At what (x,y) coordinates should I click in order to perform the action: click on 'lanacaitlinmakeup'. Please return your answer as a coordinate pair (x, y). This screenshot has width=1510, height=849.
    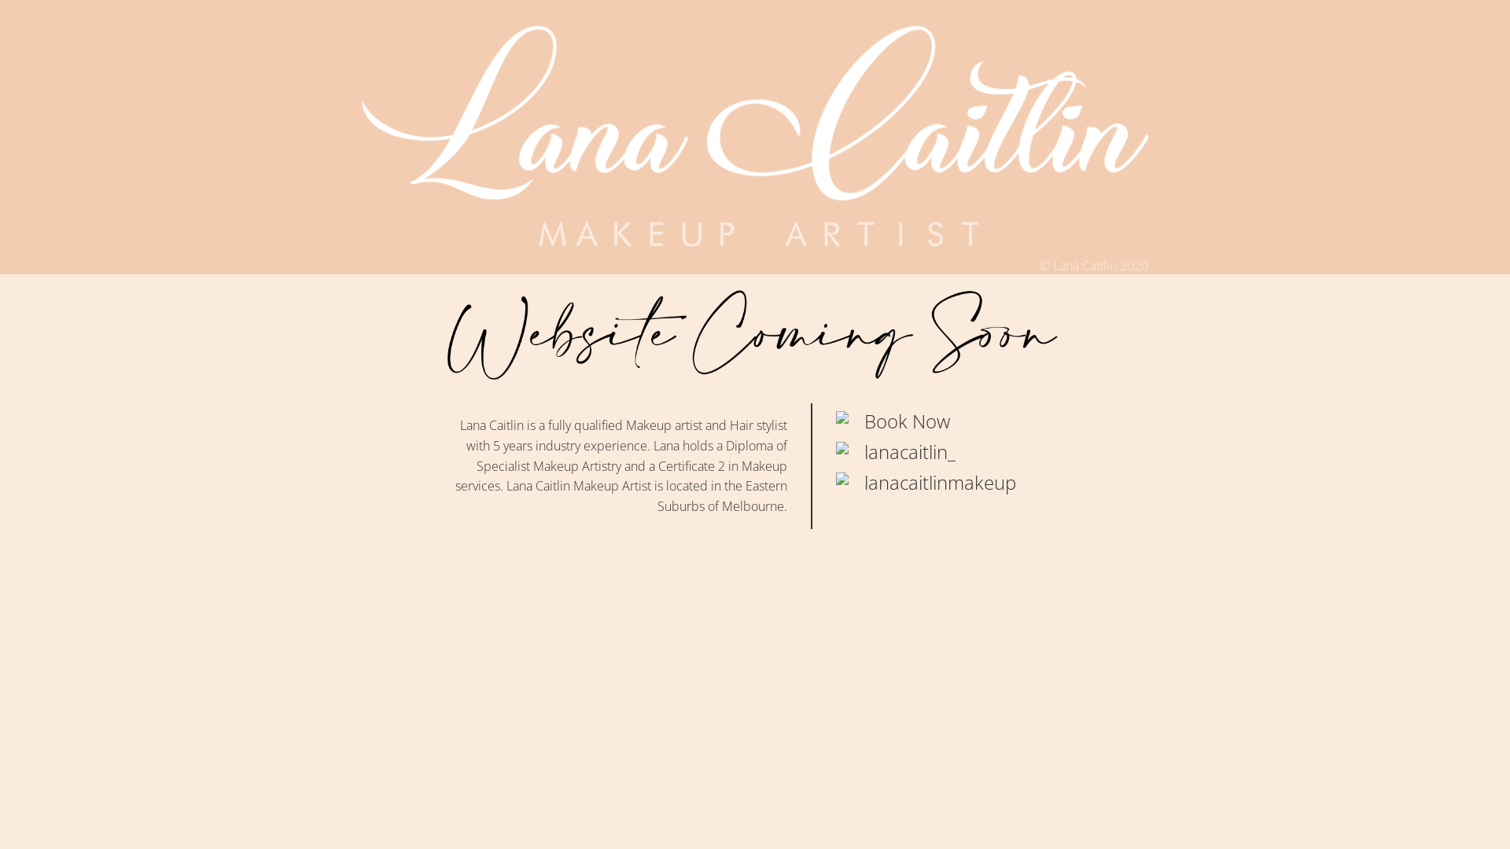
    Looking at the image, I should click on (940, 481).